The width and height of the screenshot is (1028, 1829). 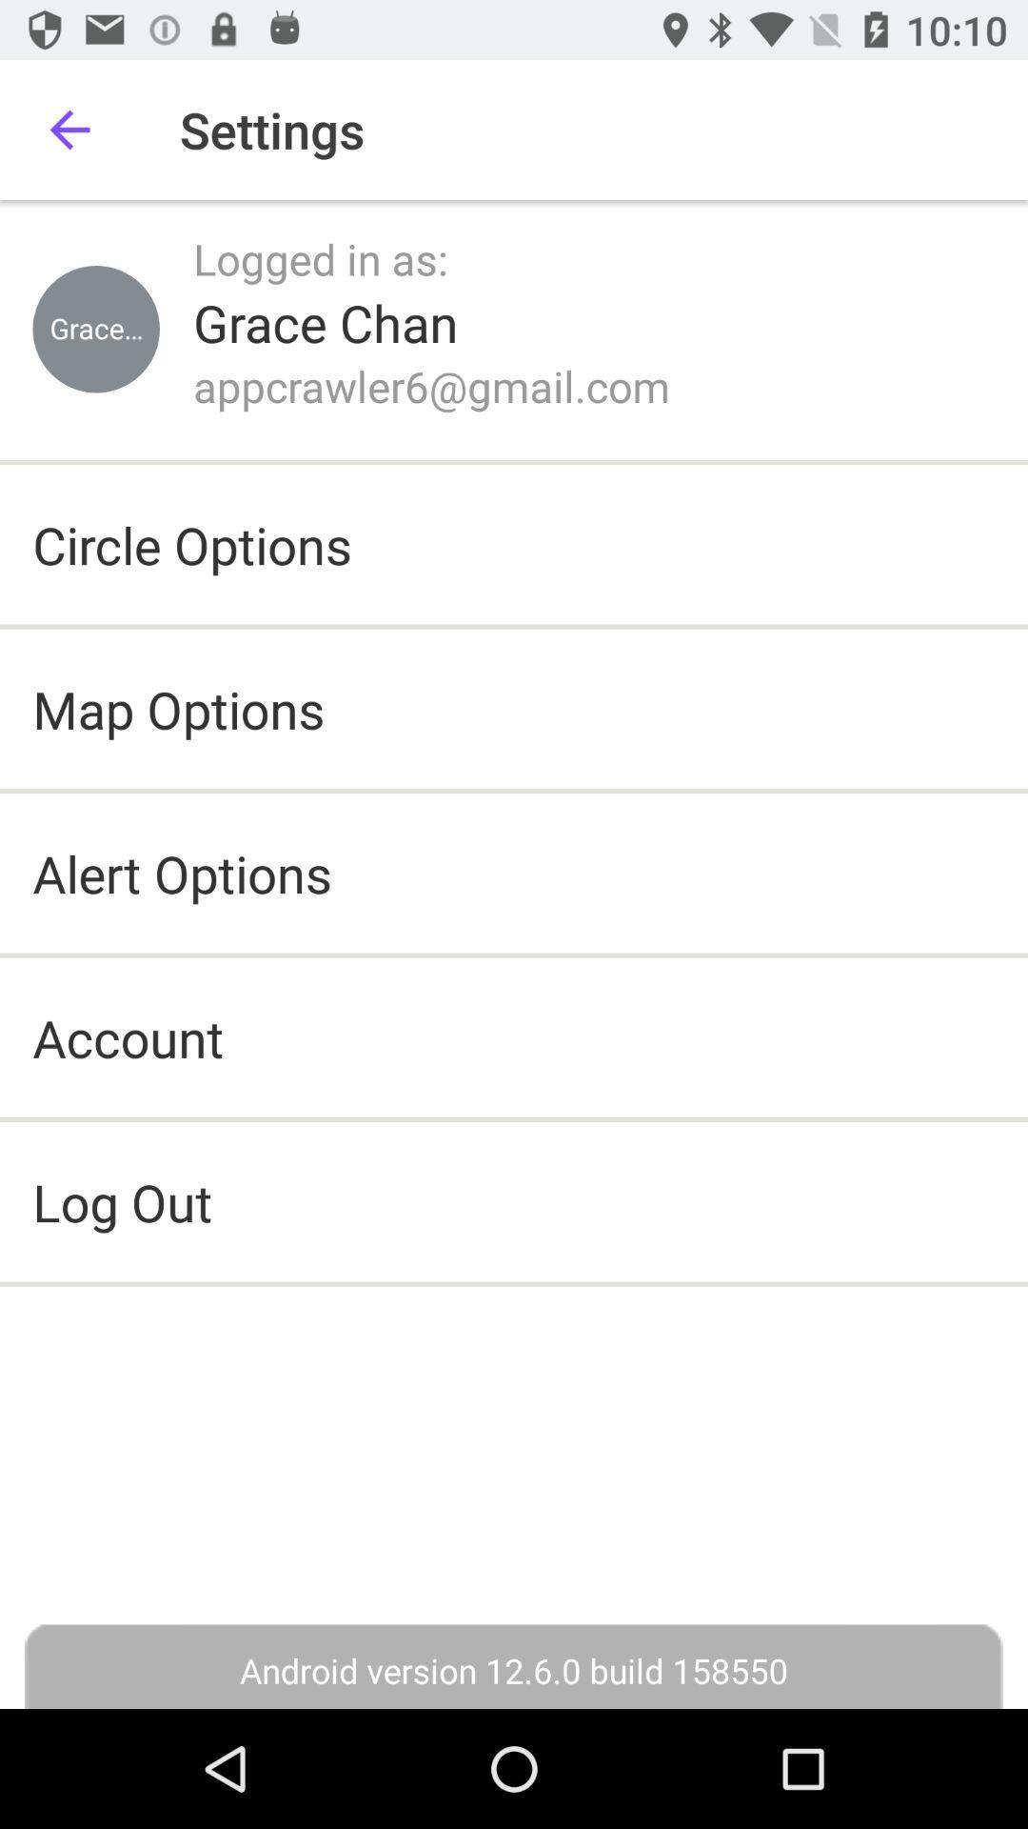 What do you see at coordinates (325, 322) in the screenshot?
I see `icon below logged in as: icon` at bounding box center [325, 322].